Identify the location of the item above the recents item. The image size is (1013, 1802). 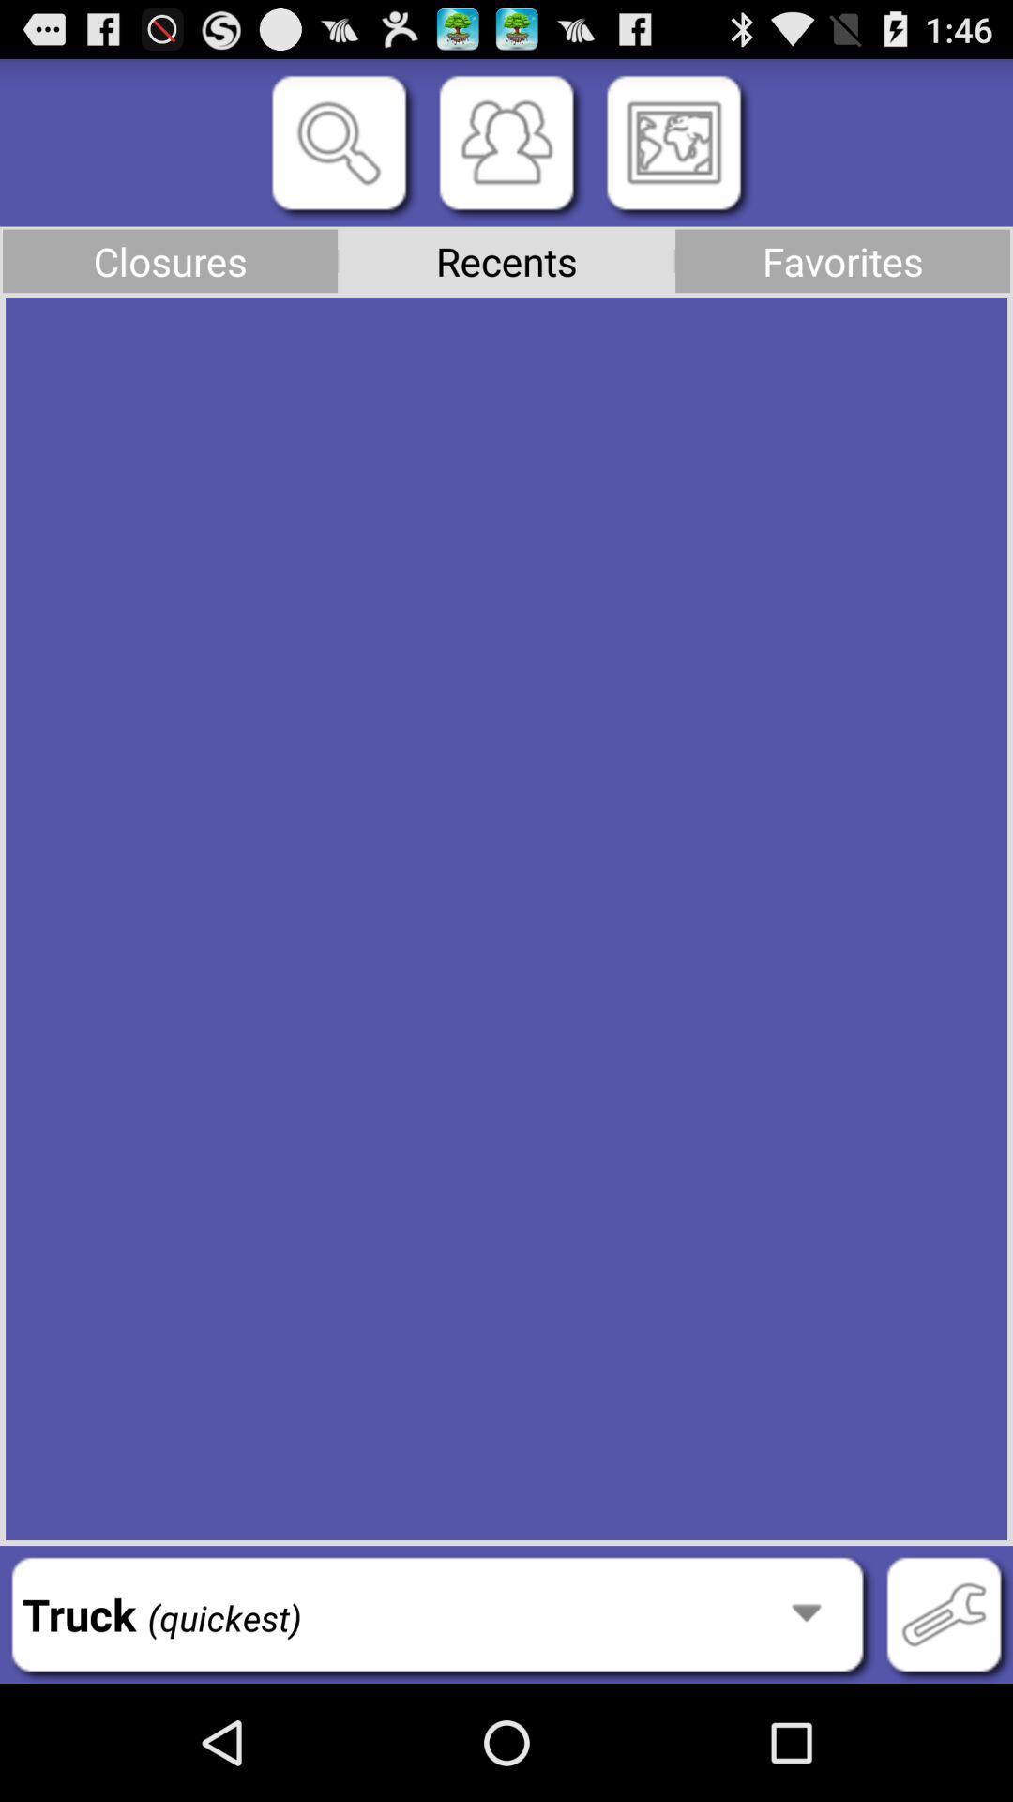
(673, 142).